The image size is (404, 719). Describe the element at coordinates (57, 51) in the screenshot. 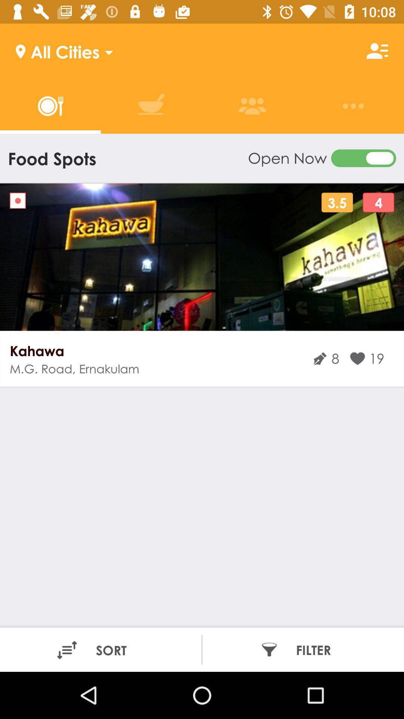

I see `text all cities` at that location.